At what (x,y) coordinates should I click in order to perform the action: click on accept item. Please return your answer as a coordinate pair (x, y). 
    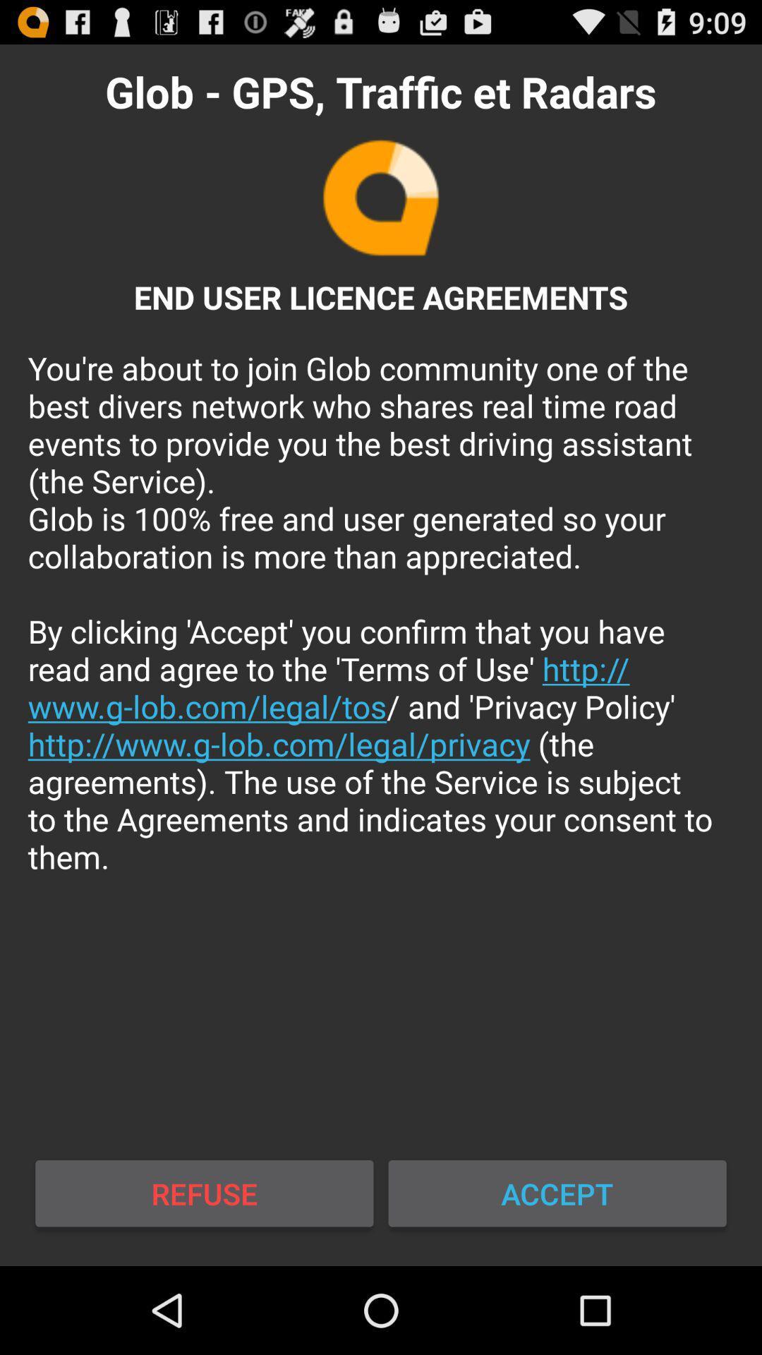
    Looking at the image, I should click on (557, 1193).